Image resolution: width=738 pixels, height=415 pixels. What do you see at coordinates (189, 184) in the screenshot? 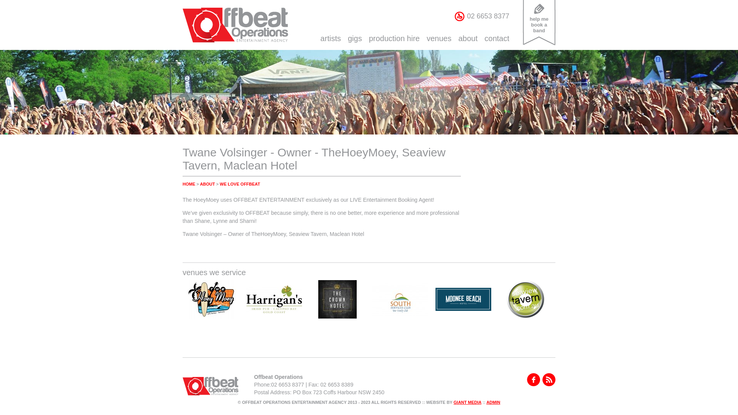
I see `'HOME'` at bounding box center [189, 184].